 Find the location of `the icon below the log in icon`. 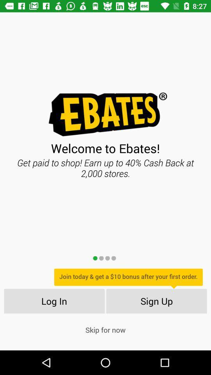

the icon below the log in icon is located at coordinates (105, 329).